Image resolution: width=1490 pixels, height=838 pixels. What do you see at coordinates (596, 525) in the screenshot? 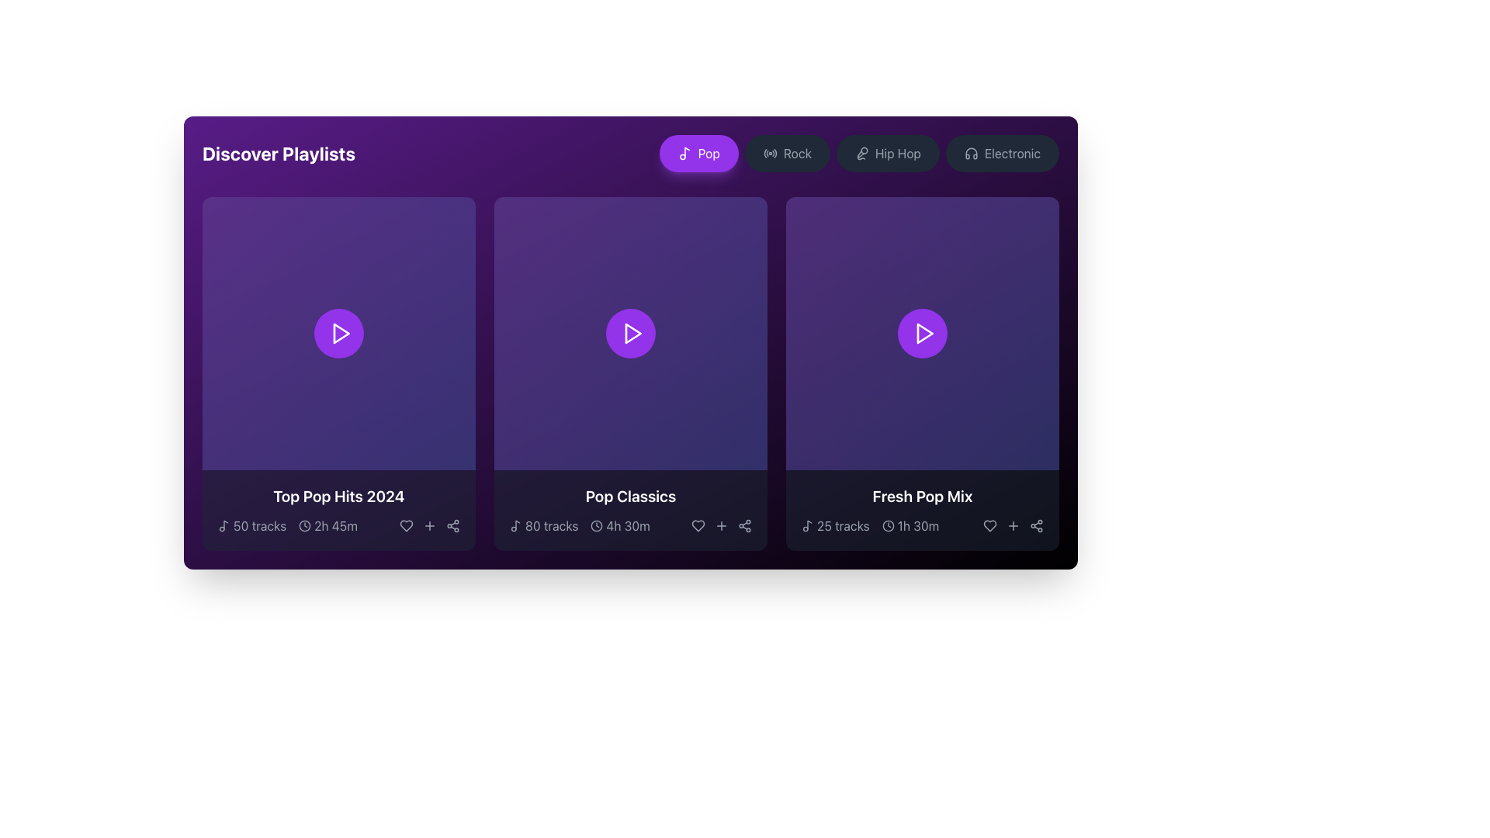
I see `the small circular clock icon with a gray outline and intersecting hands, located to the left of the text '4h 30m' in the second playlist card labeled 'Pop Classics'` at bounding box center [596, 525].